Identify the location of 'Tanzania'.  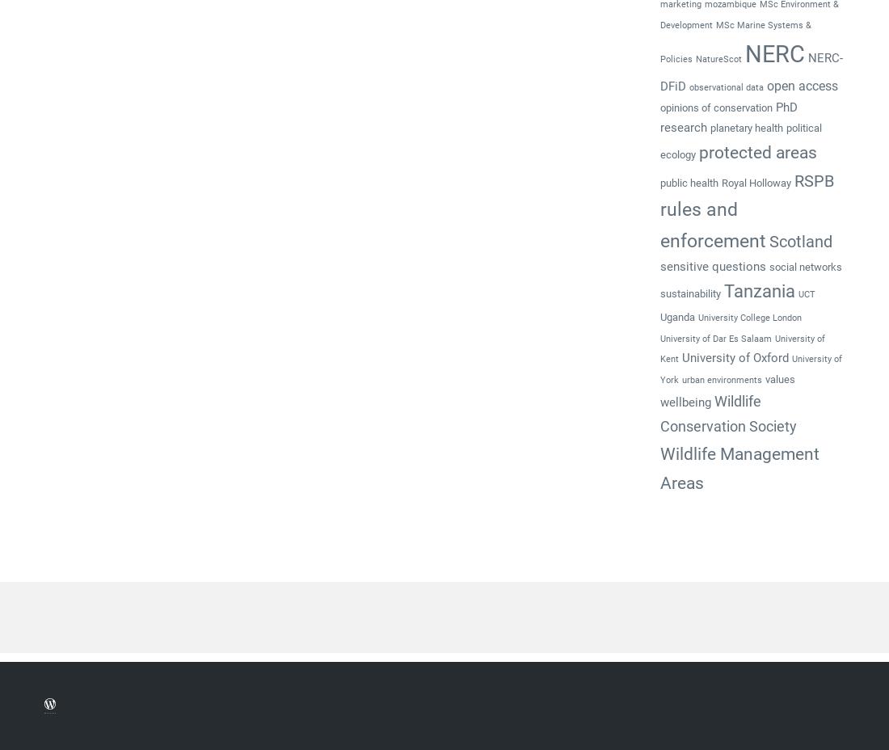
(759, 291).